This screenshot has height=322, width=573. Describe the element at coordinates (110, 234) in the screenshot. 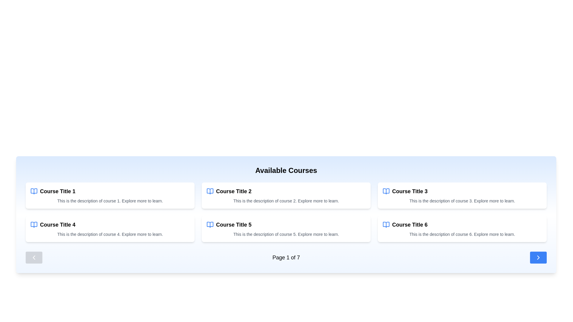

I see `static text label styled in gray font that reads 'This is the description of course 4. Explore more to learn.', located below 'Course Title 4' within its rounded rectangular card` at that location.